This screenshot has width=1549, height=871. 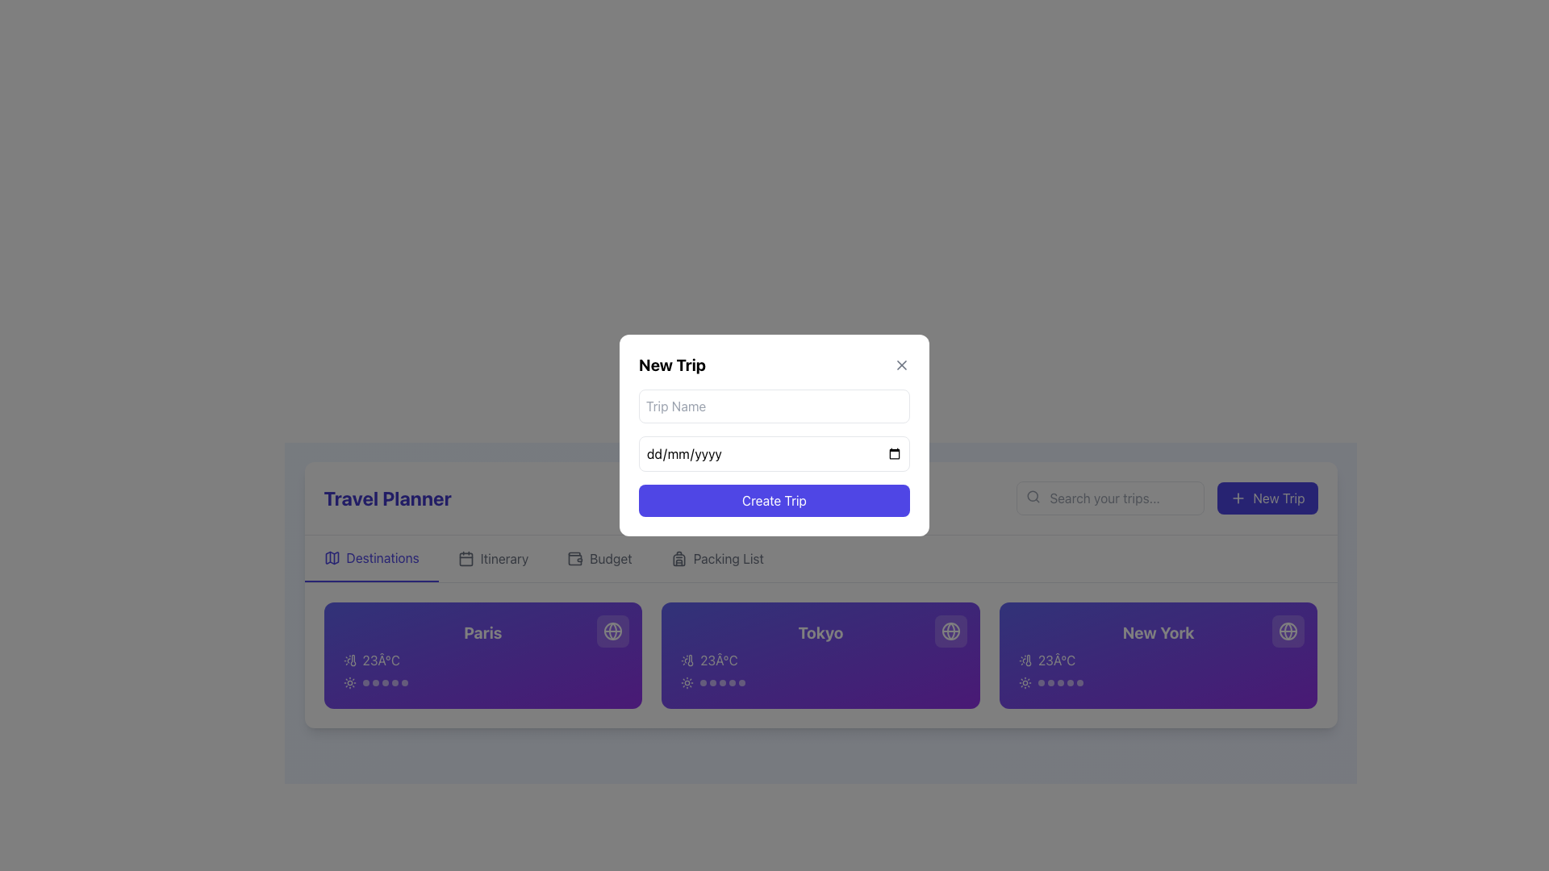 What do you see at coordinates (950, 631) in the screenshot?
I see `the globe icon located in the top-right corner of the card displaying 'Tokyo' with temperature information` at bounding box center [950, 631].